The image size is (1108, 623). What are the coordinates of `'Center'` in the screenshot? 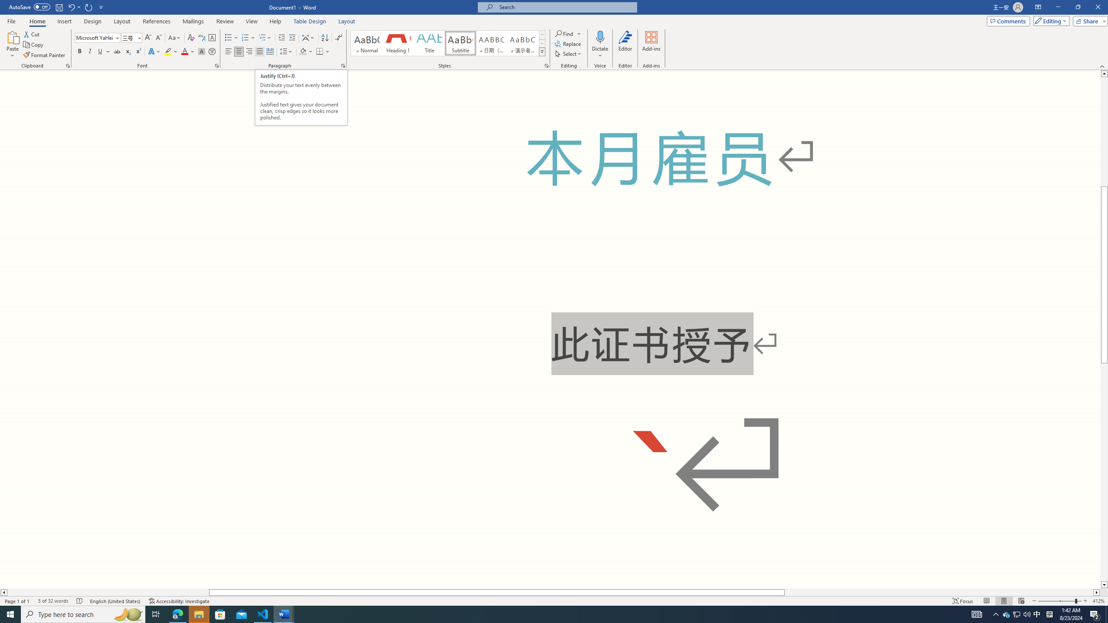 It's located at (238, 51).